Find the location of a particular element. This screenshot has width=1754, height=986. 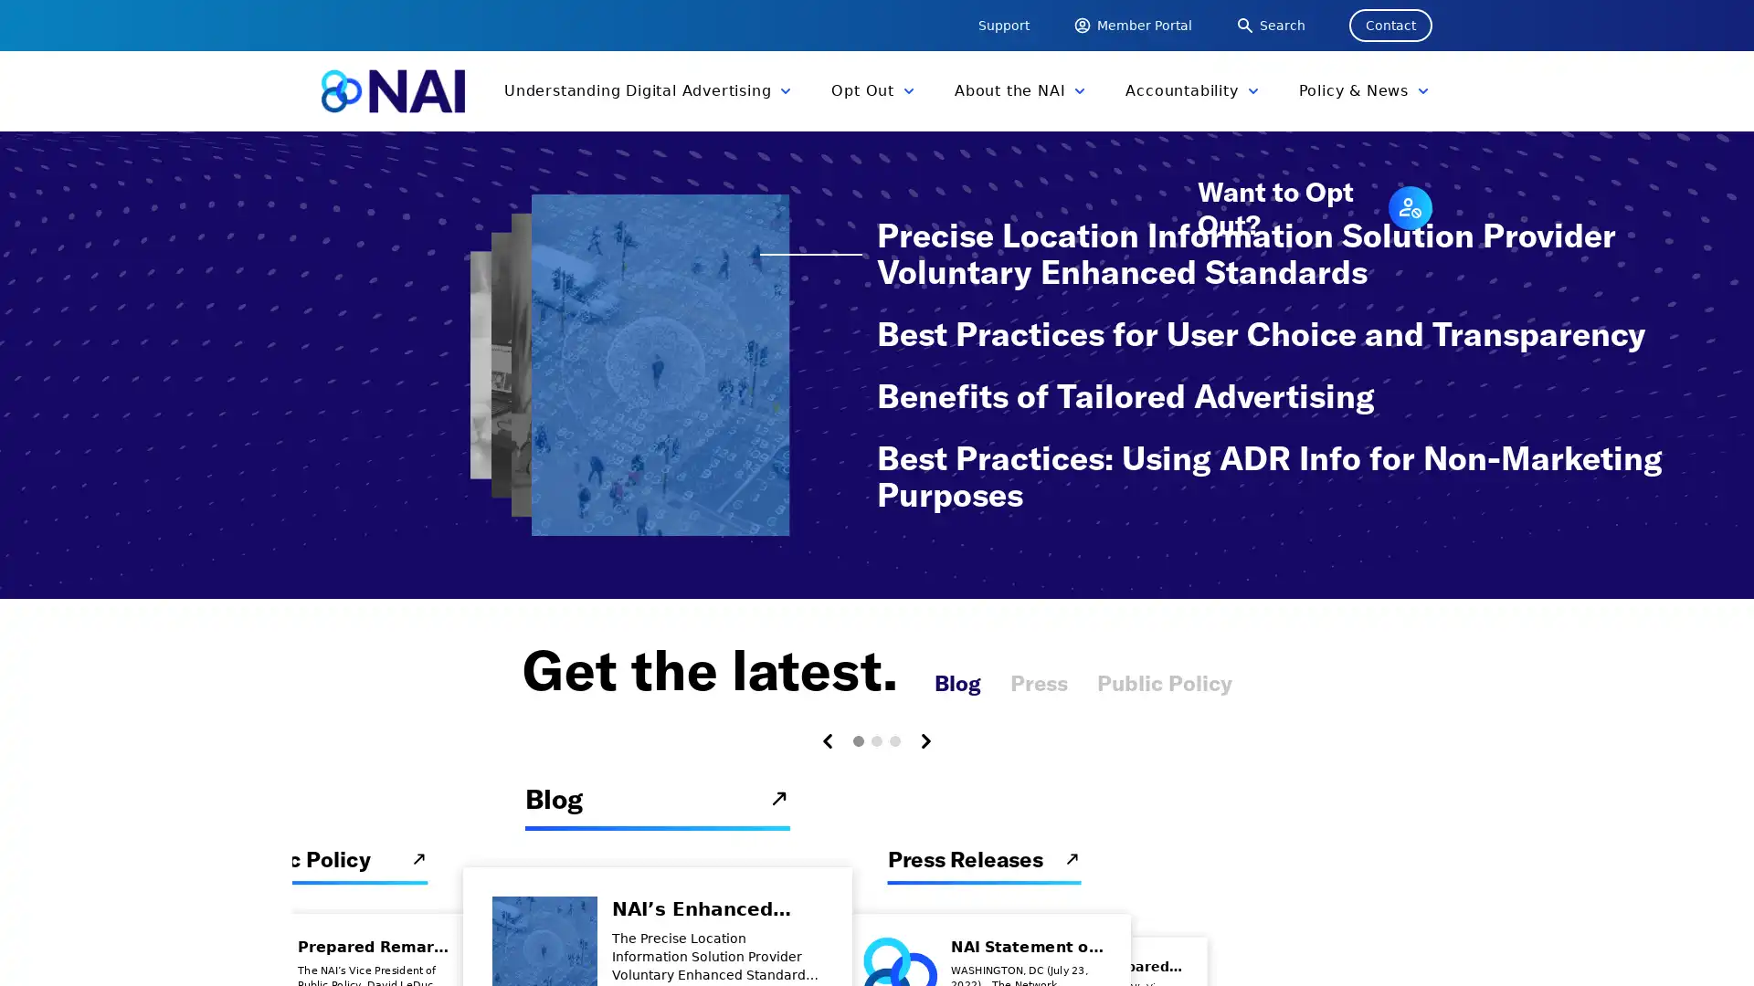

Carousel Page 1 (Current Slide) is located at coordinates (858, 741).